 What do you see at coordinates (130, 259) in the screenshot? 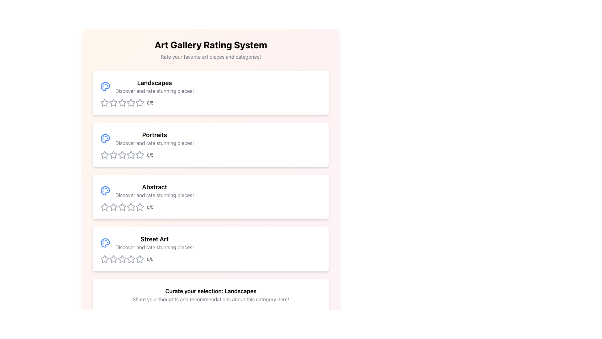
I see `the fifth star icon in the fourth rating group under the 'Street Art' section` at bounding box center [130, 259].